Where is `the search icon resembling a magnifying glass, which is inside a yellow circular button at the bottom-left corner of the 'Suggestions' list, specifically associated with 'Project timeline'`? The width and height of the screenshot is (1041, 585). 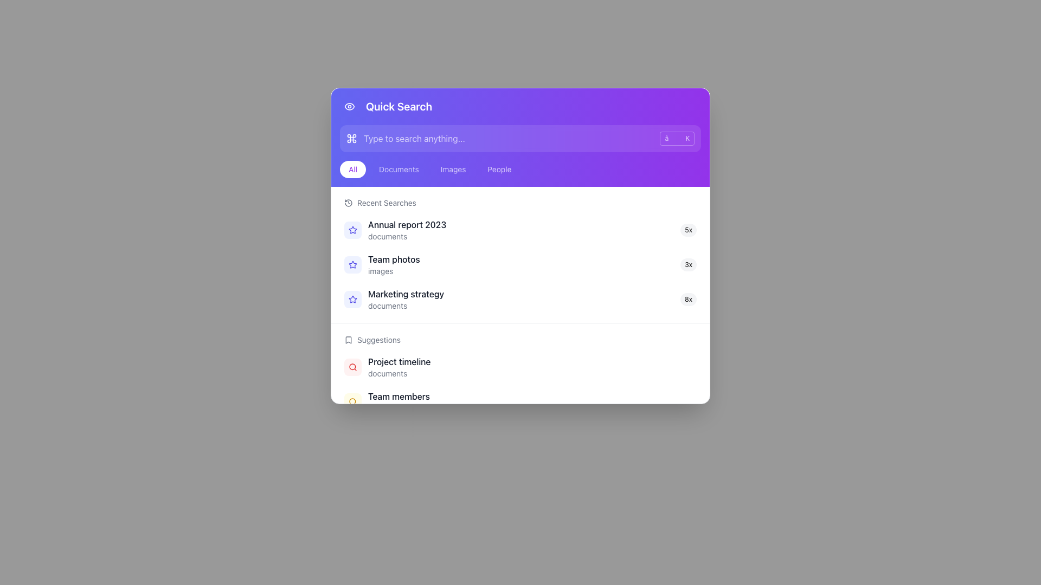
the search icon resembling a magnifying glass, which is inside a yellow circular button at the bottom-left corner of the 'Suggestions' list, specifically associated with 'Project timeline' is located at coordinates (353, 401).